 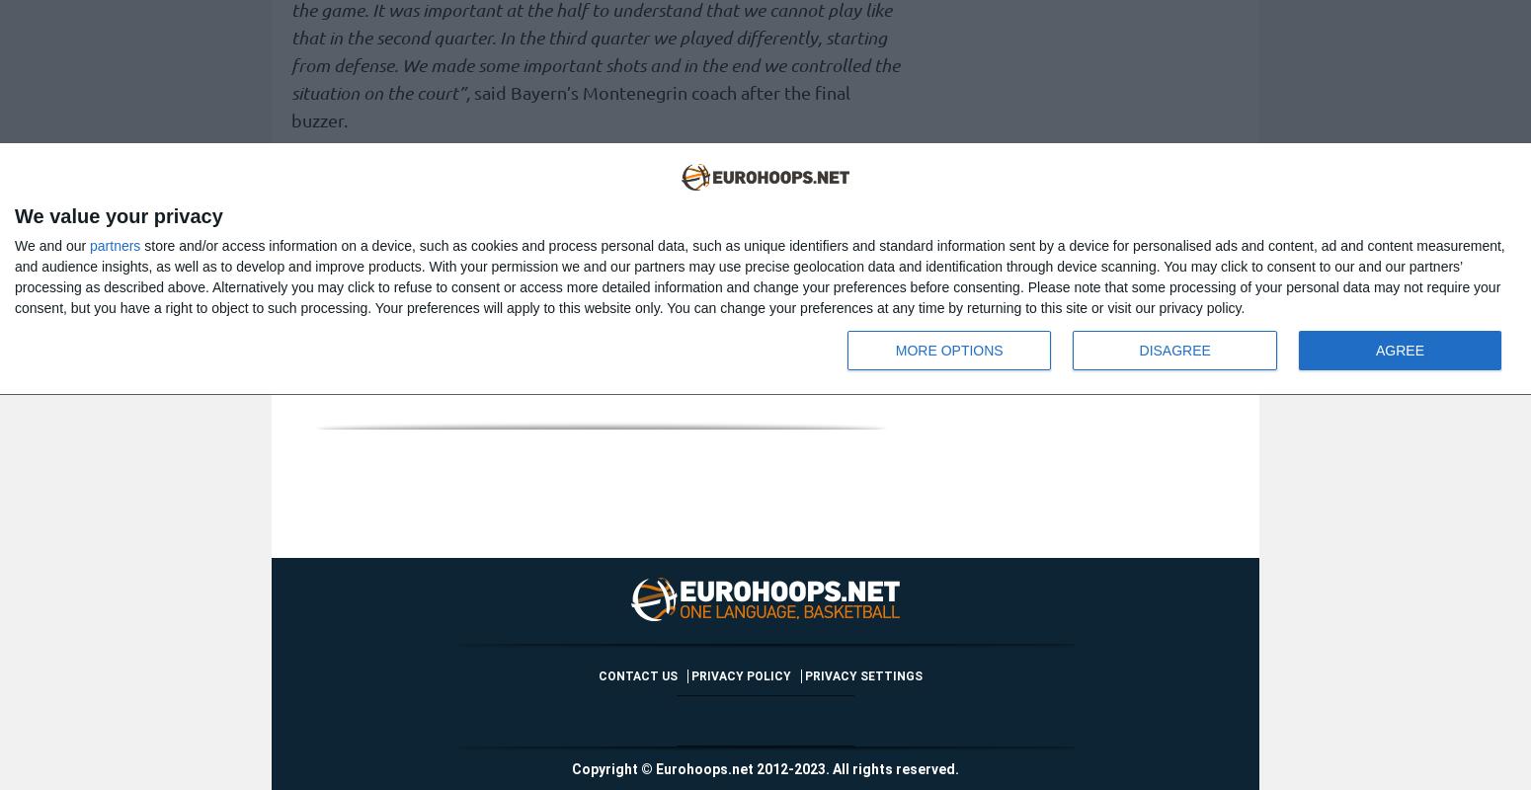 I want to click on 'Privacy settings', so click(x=863, y=675).